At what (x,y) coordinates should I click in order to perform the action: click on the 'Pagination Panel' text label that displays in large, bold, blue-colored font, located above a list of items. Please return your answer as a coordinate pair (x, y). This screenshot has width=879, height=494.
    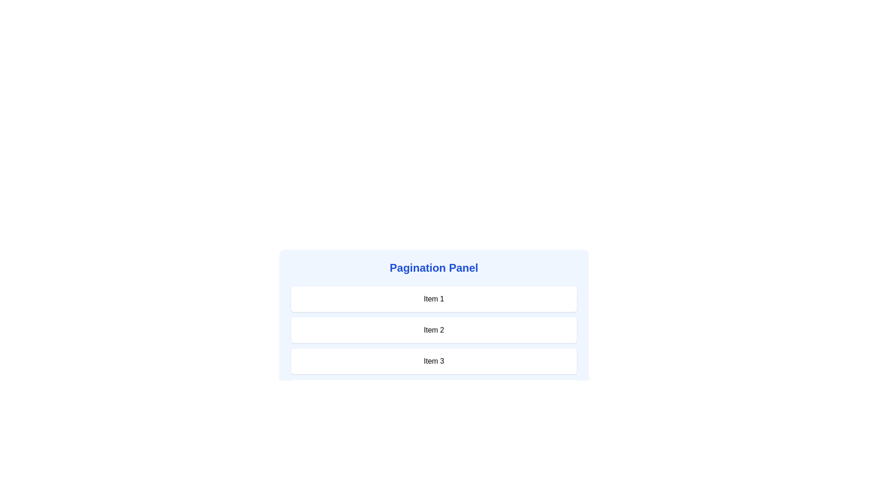
    Looking at the image, I should click on (434, 268).